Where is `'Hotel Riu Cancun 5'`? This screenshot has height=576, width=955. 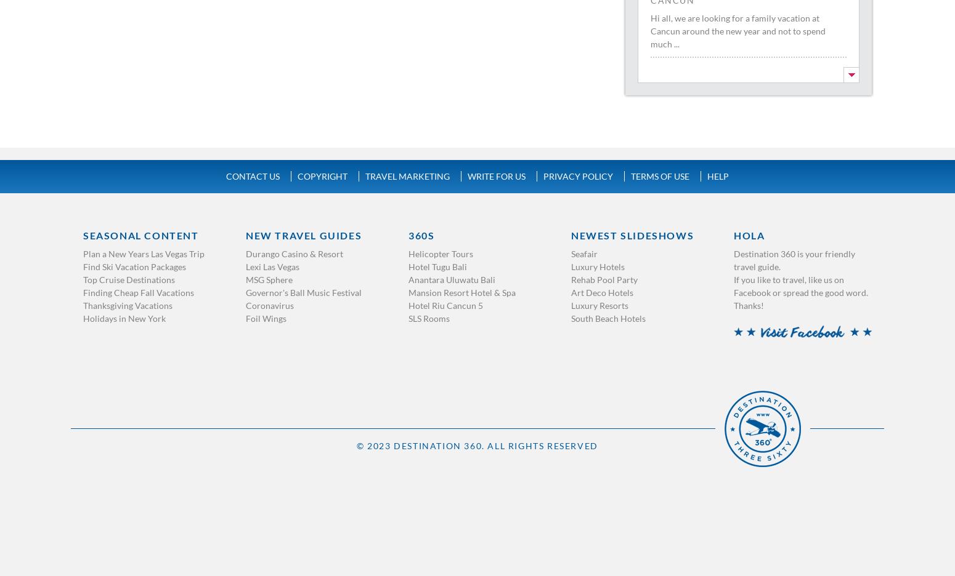 'Hotel Riu Cancun 5' is located at coordinates (407, 304).